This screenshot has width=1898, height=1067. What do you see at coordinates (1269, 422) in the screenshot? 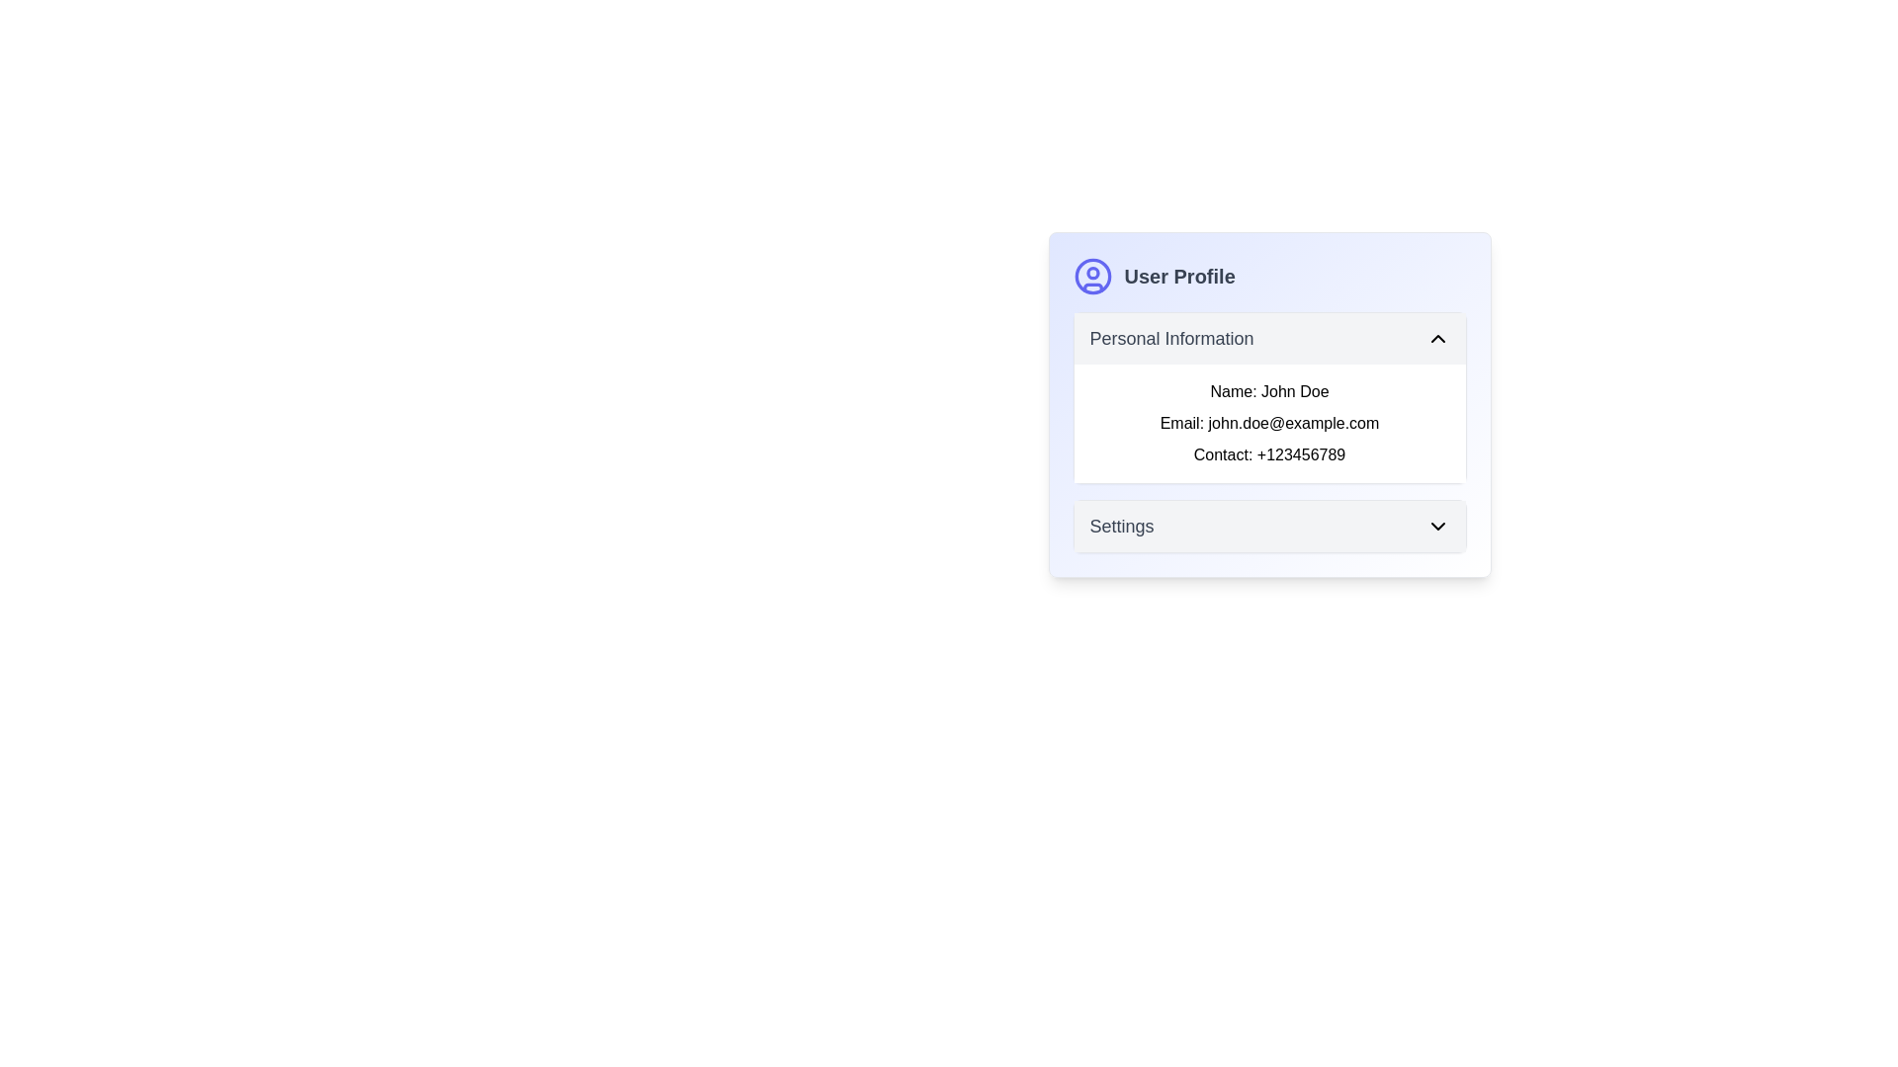
I see `the Text Block displaying the user's profile details located in the 'Personal Information' section of the 'User Profile' card interface, positioned below the section header and above the 'Settings' menu option` at bounding box center [1269, 422].